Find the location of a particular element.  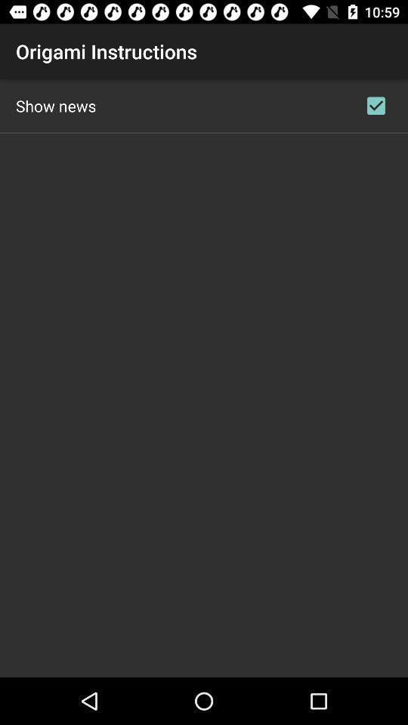

the icon at the top right corner is located at coordinates (375, 105).